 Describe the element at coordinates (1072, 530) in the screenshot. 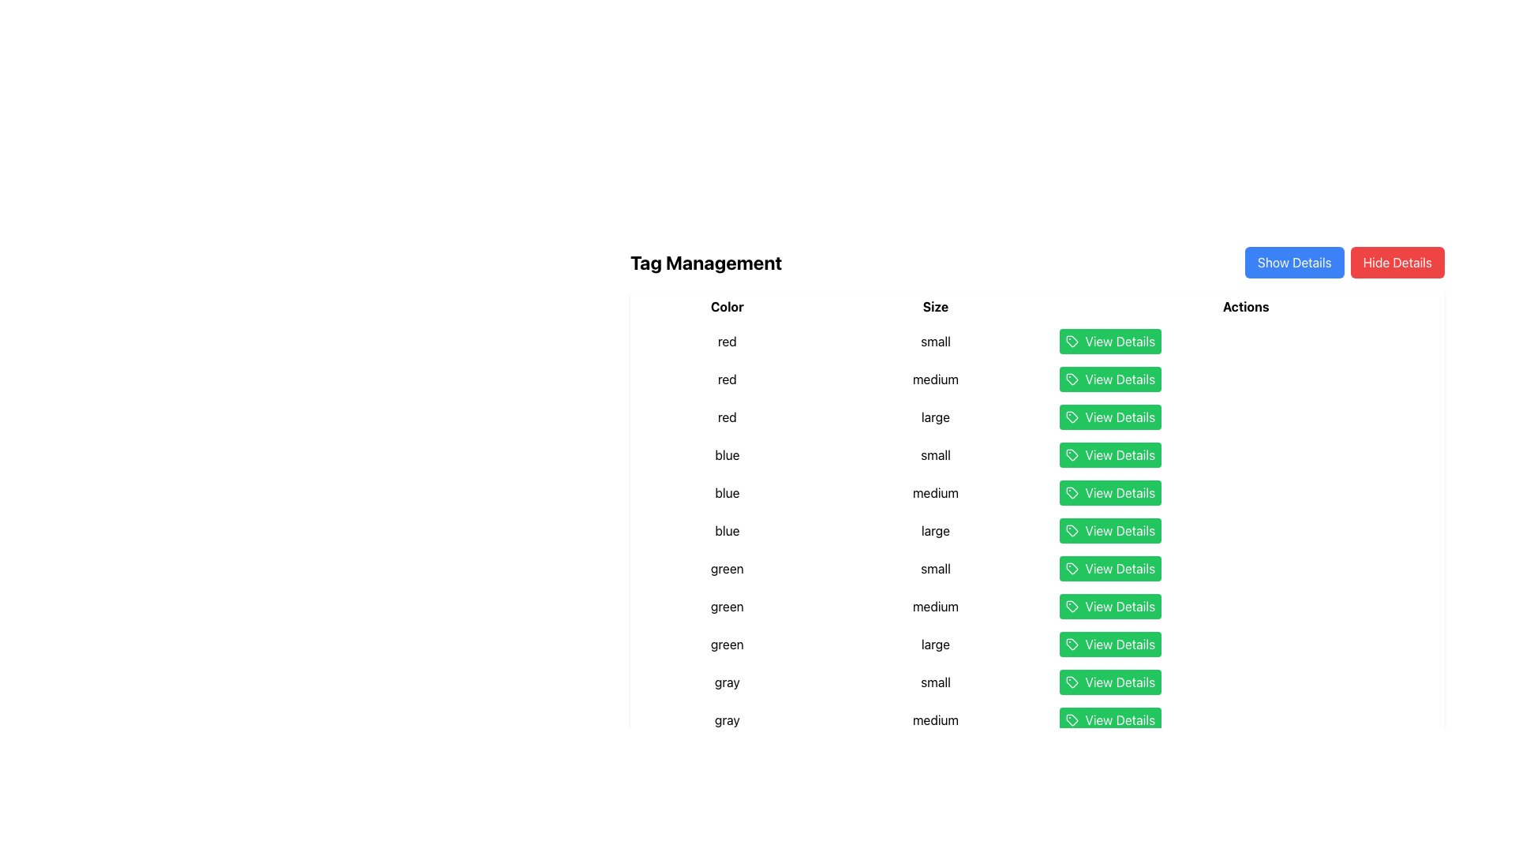

I see `the green tag icon located within the 'View Details' button in the 'Actions' column of the table` at that location.